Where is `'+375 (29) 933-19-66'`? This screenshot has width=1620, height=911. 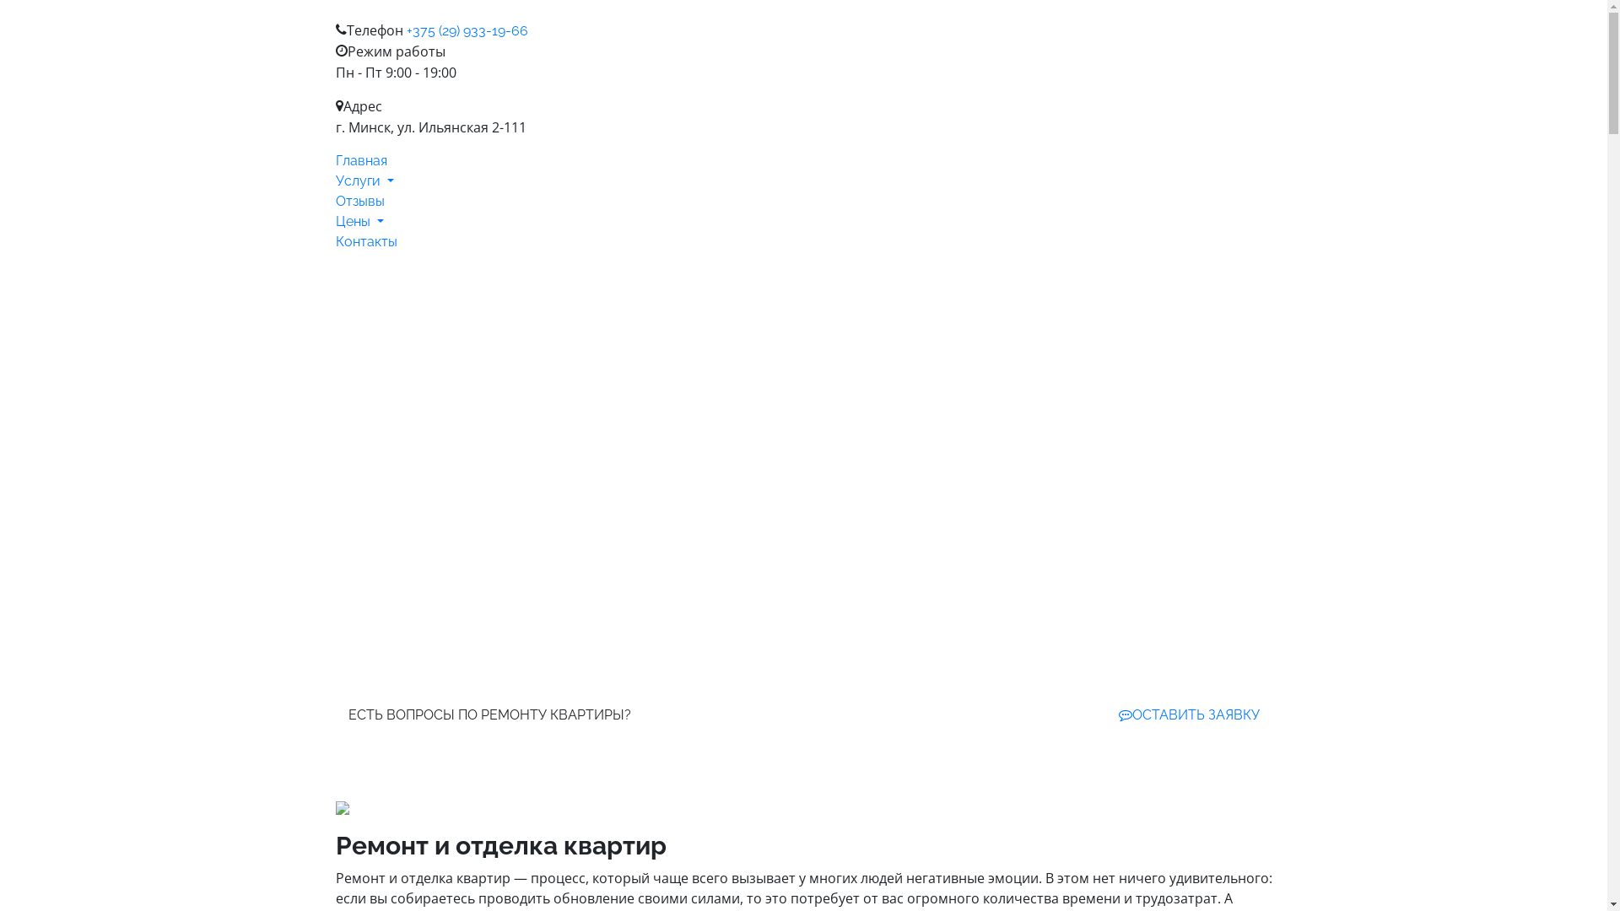 '+375 (29) 933-19-66' is located at coordinates (467, 30).